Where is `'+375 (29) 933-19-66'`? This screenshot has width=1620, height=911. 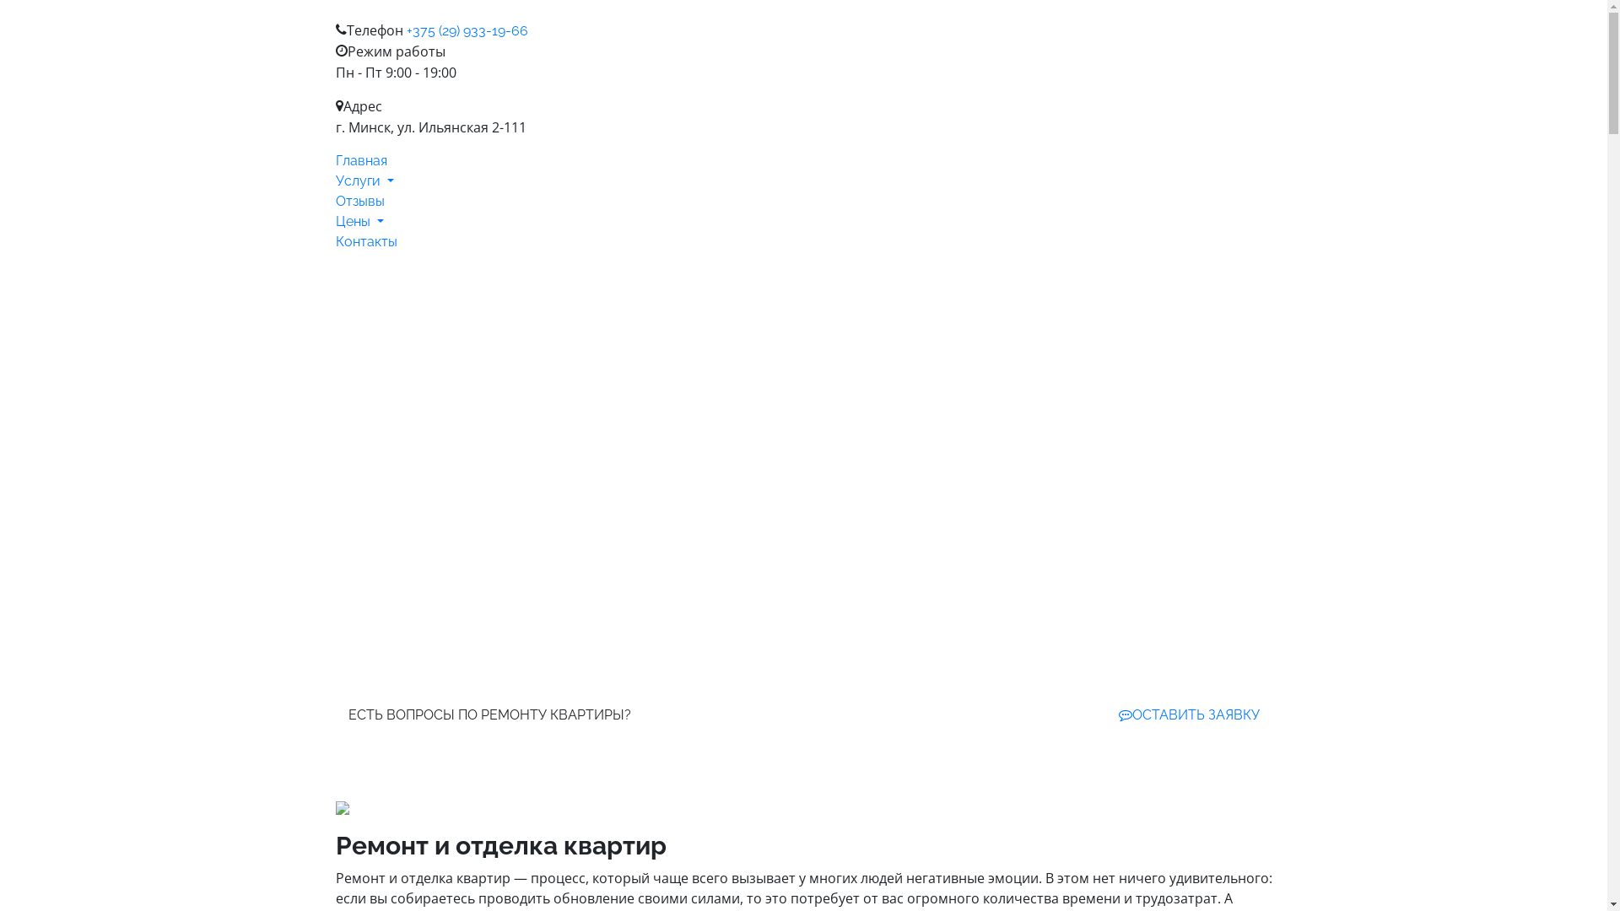 '+375 (29) 933-19-66' is located at coordinates (467, 30).